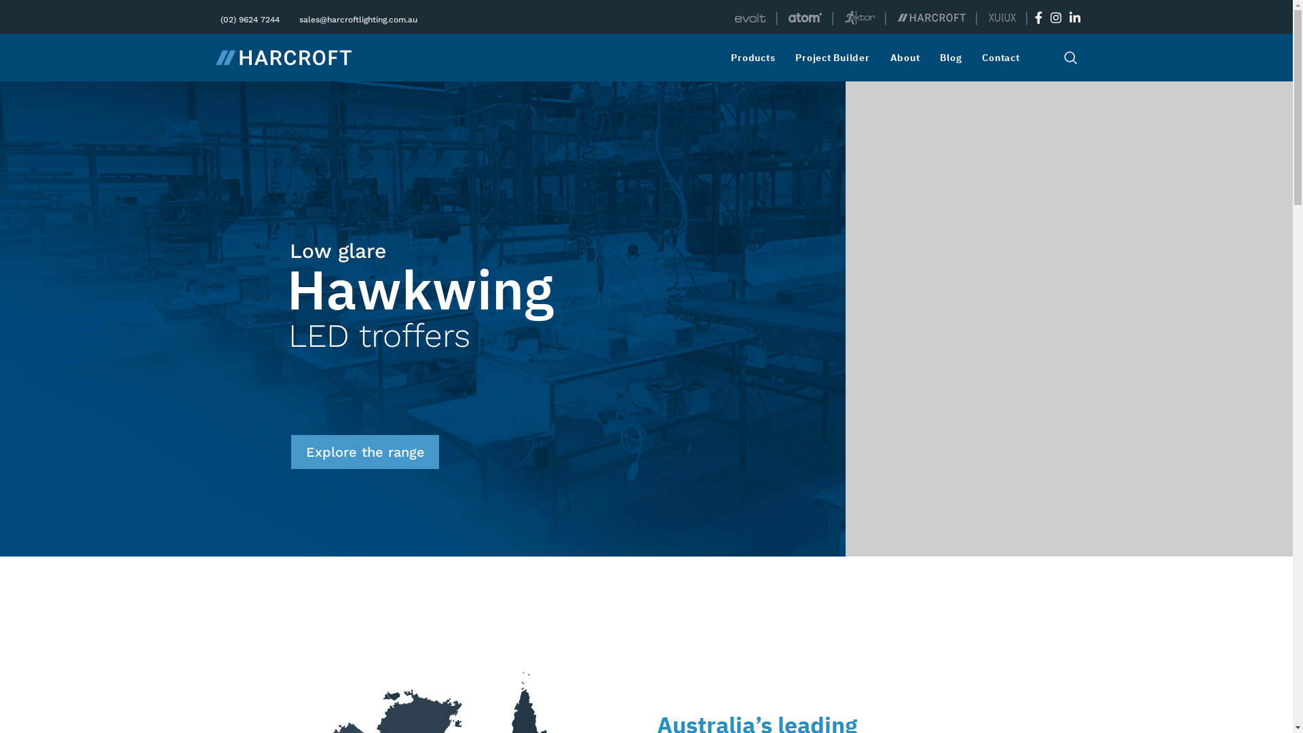 Image resolution: width=1303 pixels, height=733 pixels. Describe the element at coordinates (1004, 56) in the screenshot. I see `'Contact'` at that location.